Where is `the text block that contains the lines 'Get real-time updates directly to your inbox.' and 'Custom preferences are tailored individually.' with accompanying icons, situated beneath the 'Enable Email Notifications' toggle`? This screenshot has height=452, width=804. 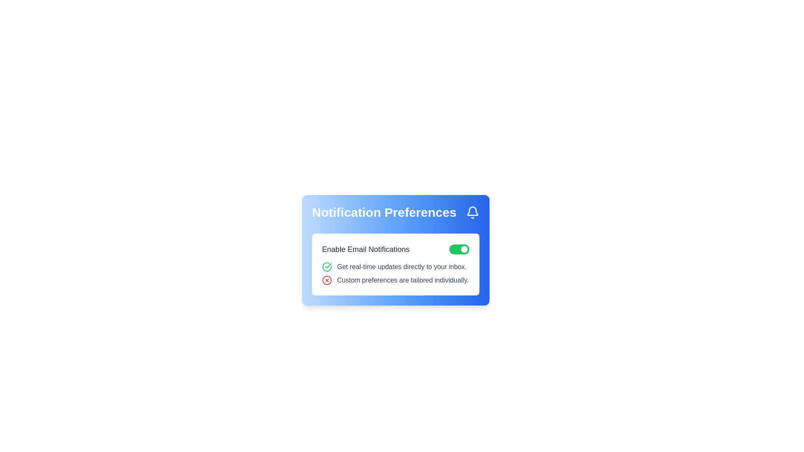 the text block that contains the lines 'Get real-time updates directly to your inbox.' and 'Custom preferences are tailored individually.' with accompanying icons, situated beneath the 'Enable Email Notifications' toggle is located at coordinates (395, 274).